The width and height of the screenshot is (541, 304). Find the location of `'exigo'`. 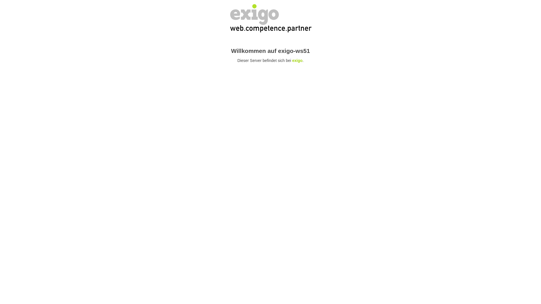

'exigo' is located at coordinates (297, 61).